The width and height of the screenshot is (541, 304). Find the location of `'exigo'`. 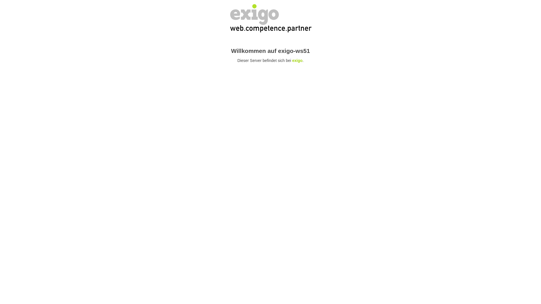

'exigo' is located at coordinates (297, 61).